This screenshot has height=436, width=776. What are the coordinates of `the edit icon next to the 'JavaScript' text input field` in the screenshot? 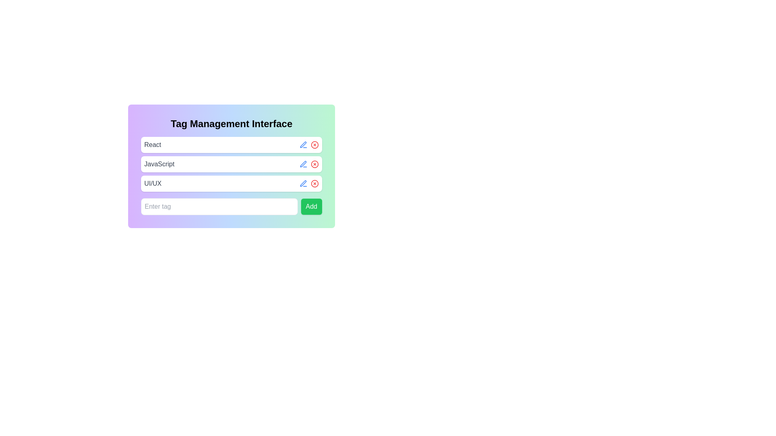 It's located at (303, 163).